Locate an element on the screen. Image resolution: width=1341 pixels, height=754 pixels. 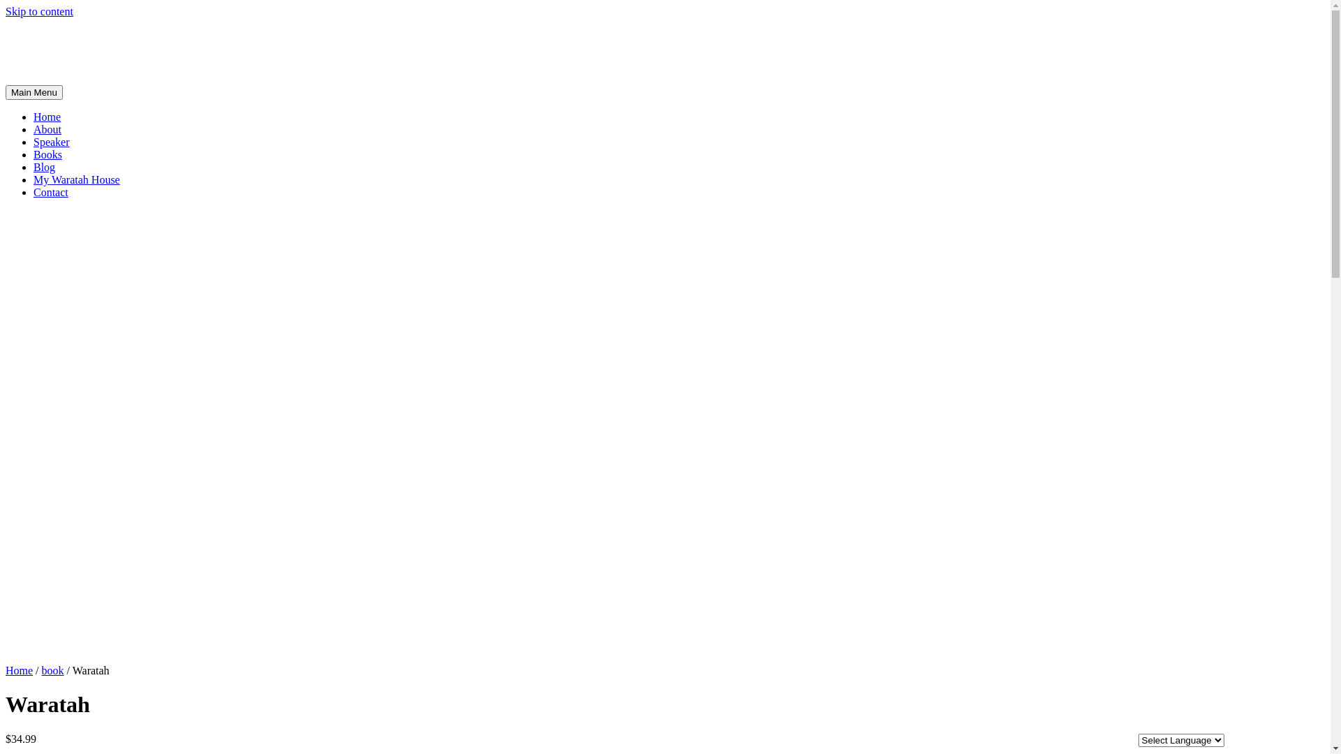
'Home' is located at coordinates (19, 670).